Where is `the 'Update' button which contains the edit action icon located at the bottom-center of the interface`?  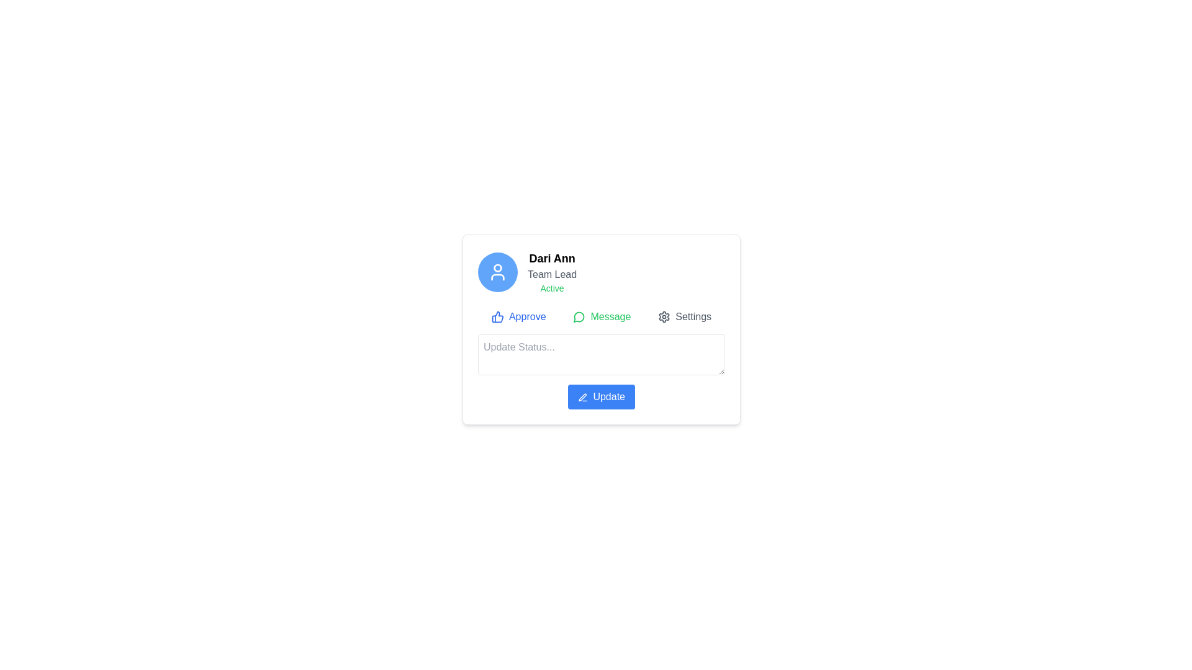 the 'Update' button which contains the edit action icon located at the bottom-center of the interface is located at coordinates (582, 397).